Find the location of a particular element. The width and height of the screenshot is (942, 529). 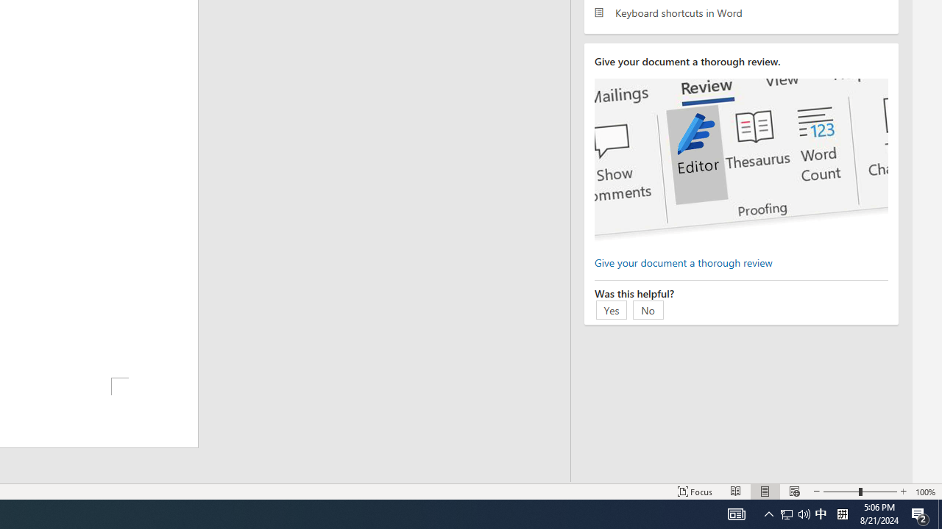

'editor ui screenshot' is located at coordinates (741, 160).